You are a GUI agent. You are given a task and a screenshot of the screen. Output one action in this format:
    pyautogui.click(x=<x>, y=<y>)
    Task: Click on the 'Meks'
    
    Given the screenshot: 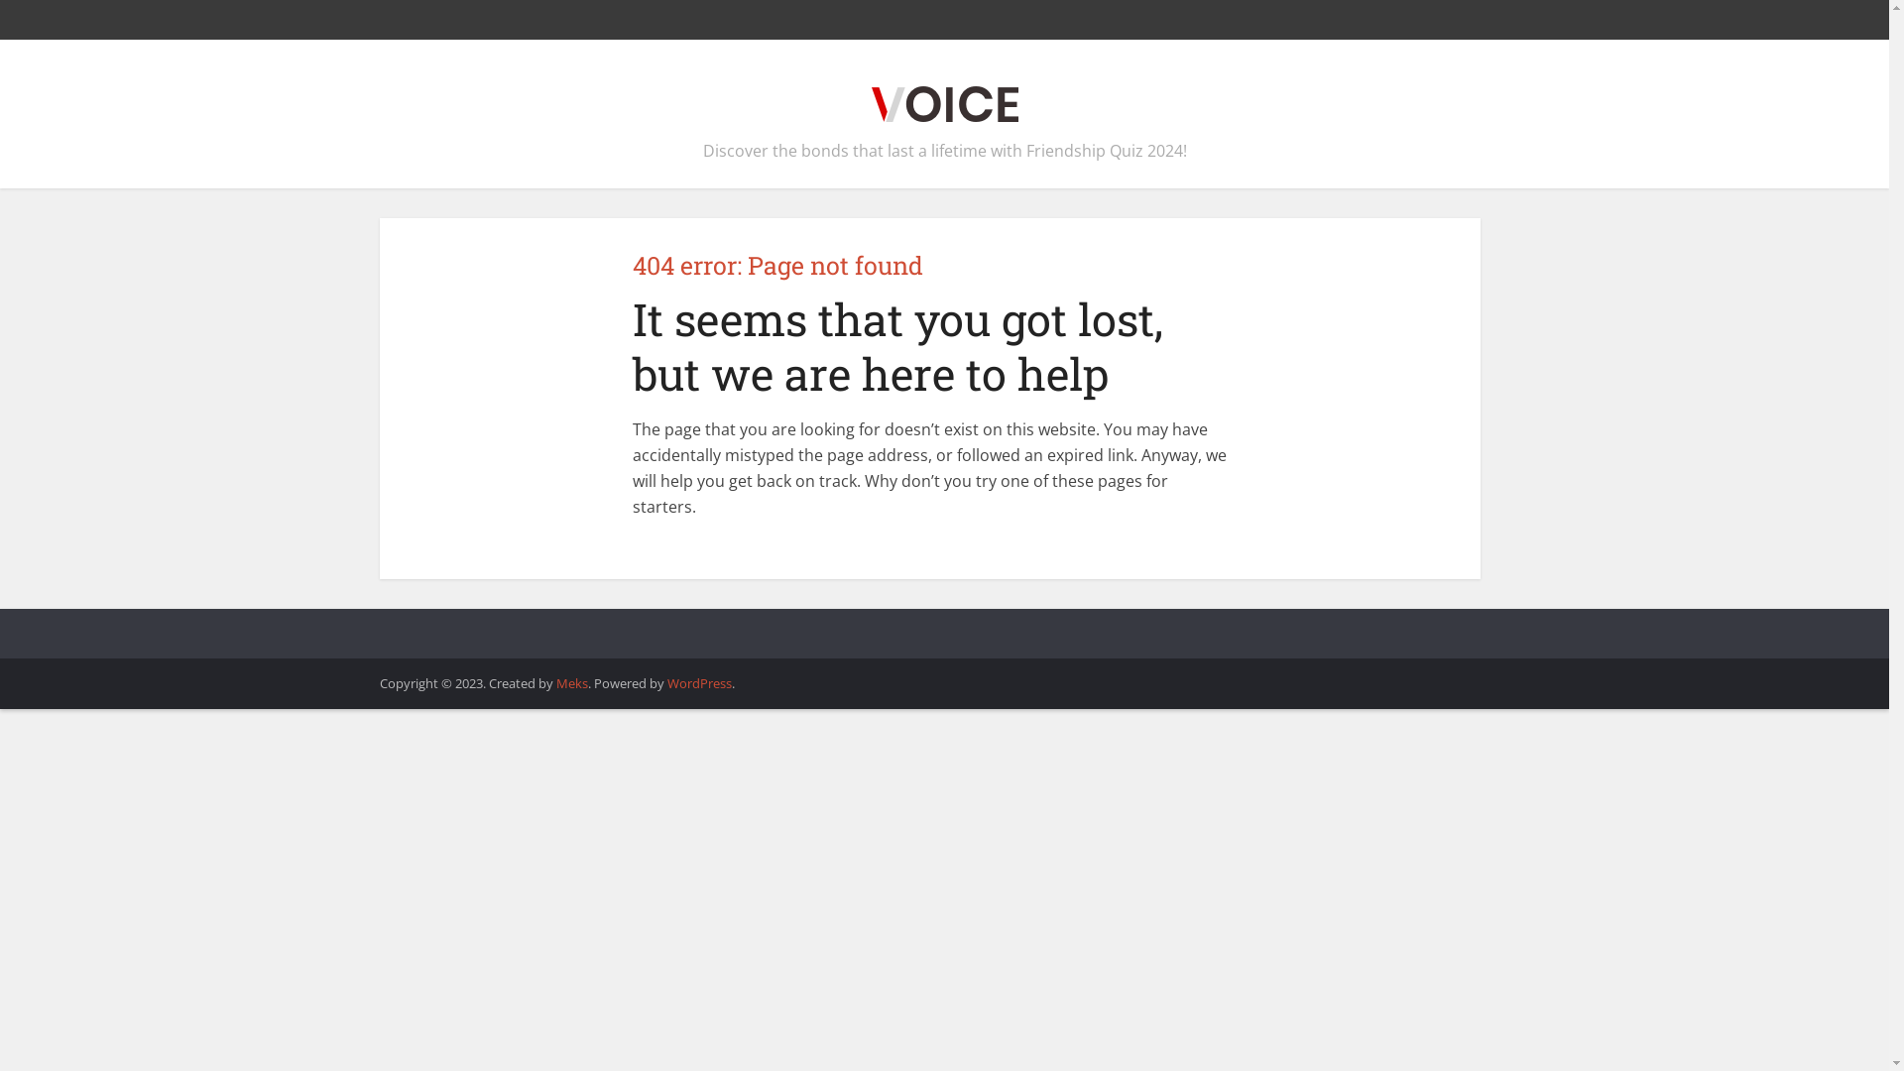 What is the action you would take?
    pyautogui.click(x=570, y=682)
    